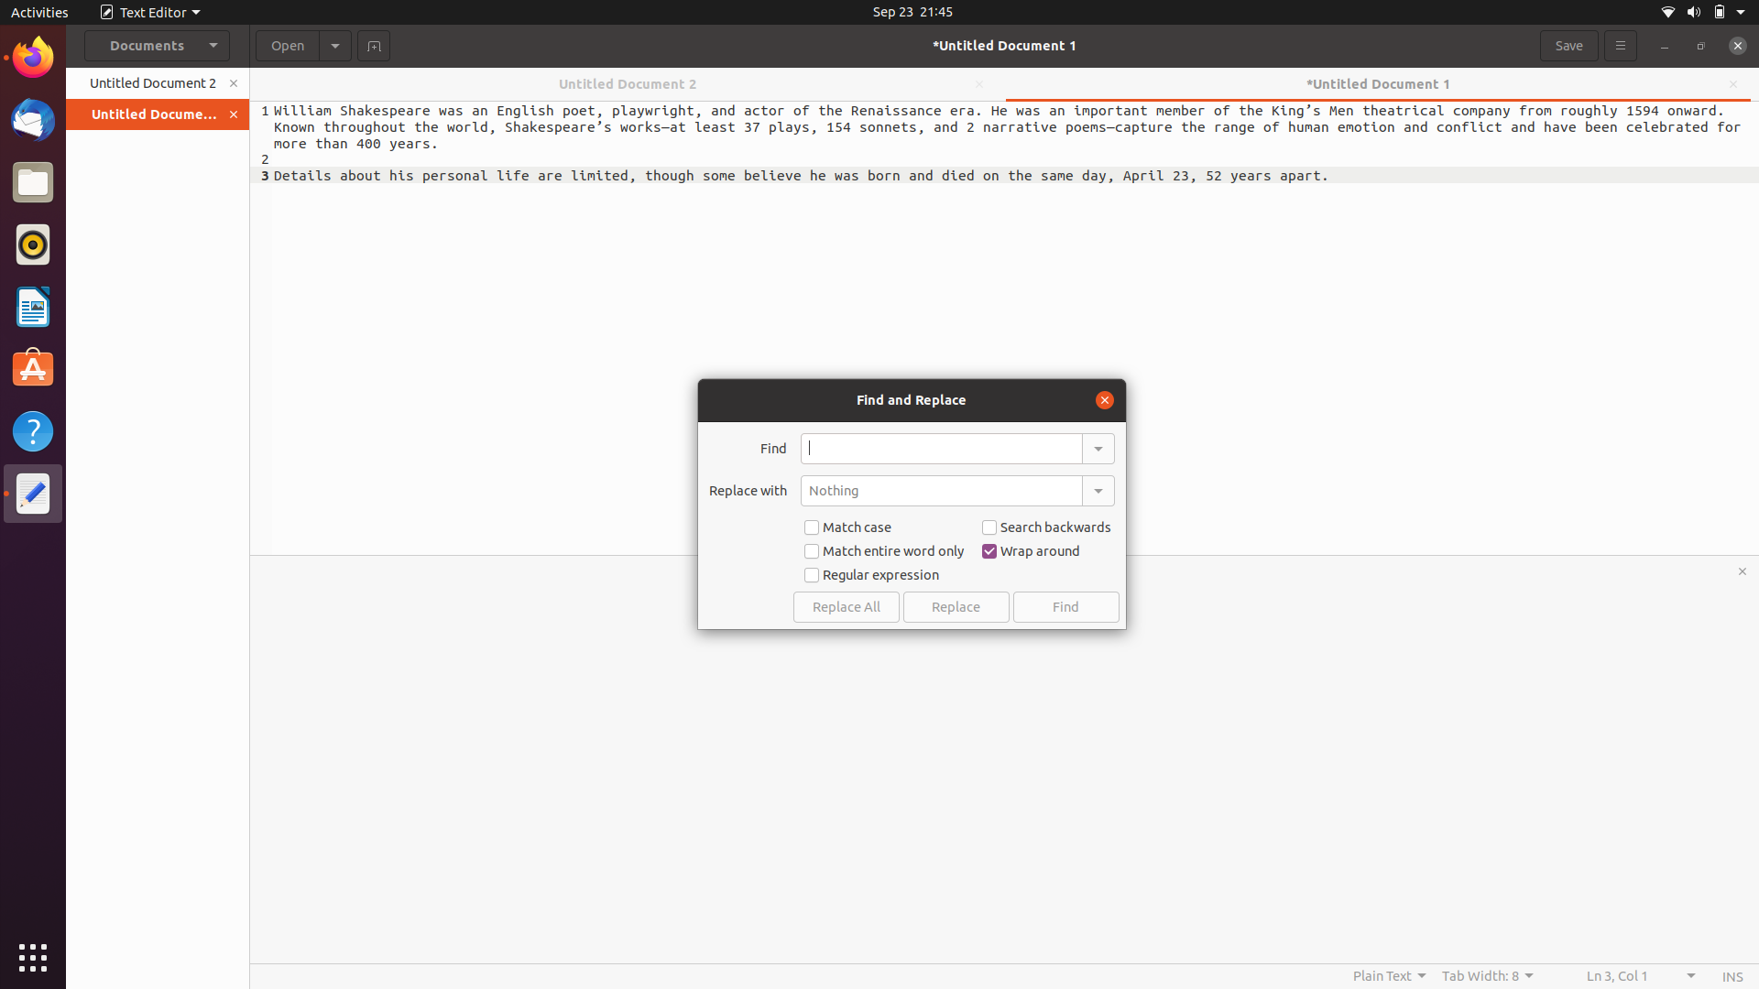  What do you see at coordinates (941, 448) in the screenshot?
I see `In the document, switch the first instance of the word "important" with "prominent` at bounding box center [941, 448].